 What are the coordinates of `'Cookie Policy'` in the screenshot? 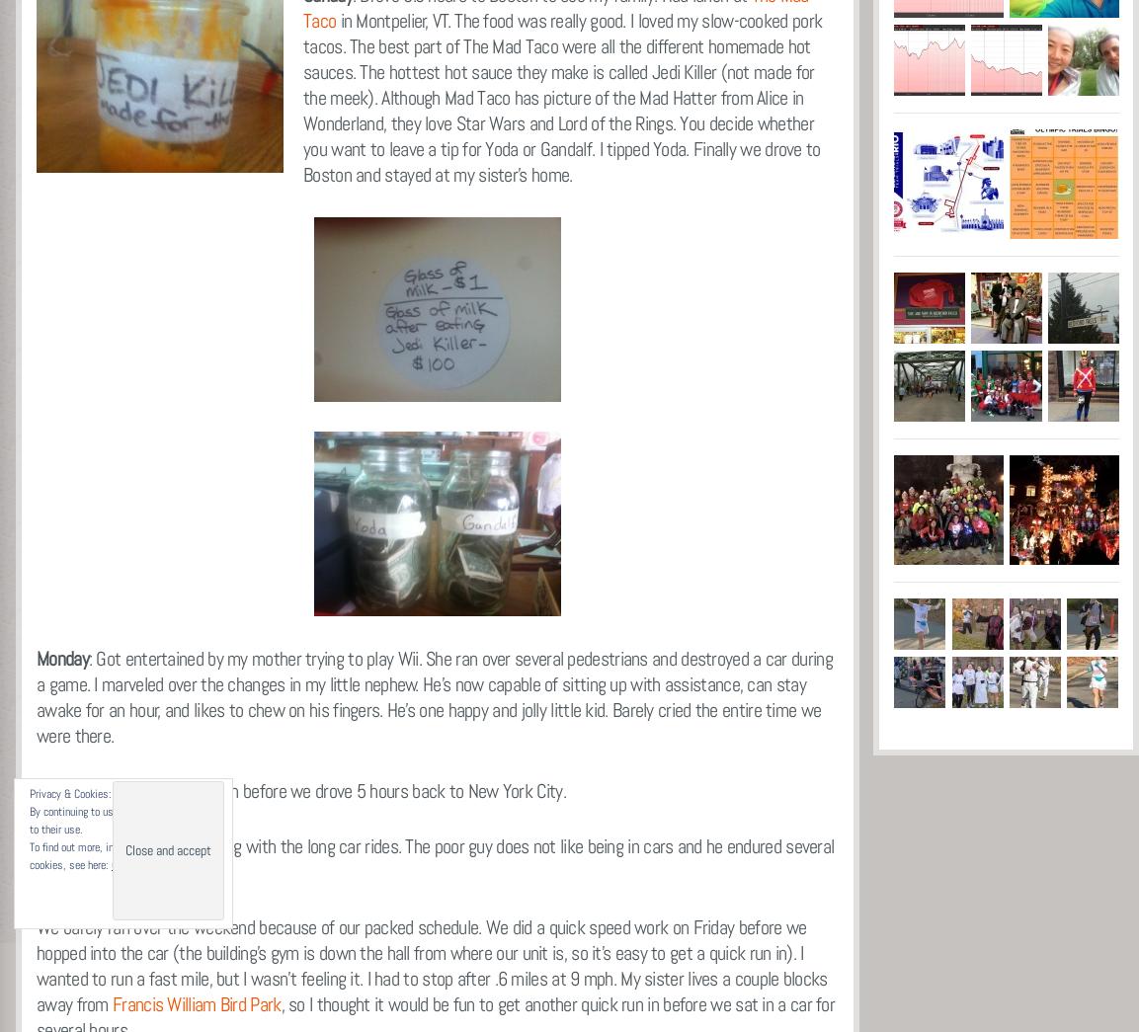 It's located at (140, 865).